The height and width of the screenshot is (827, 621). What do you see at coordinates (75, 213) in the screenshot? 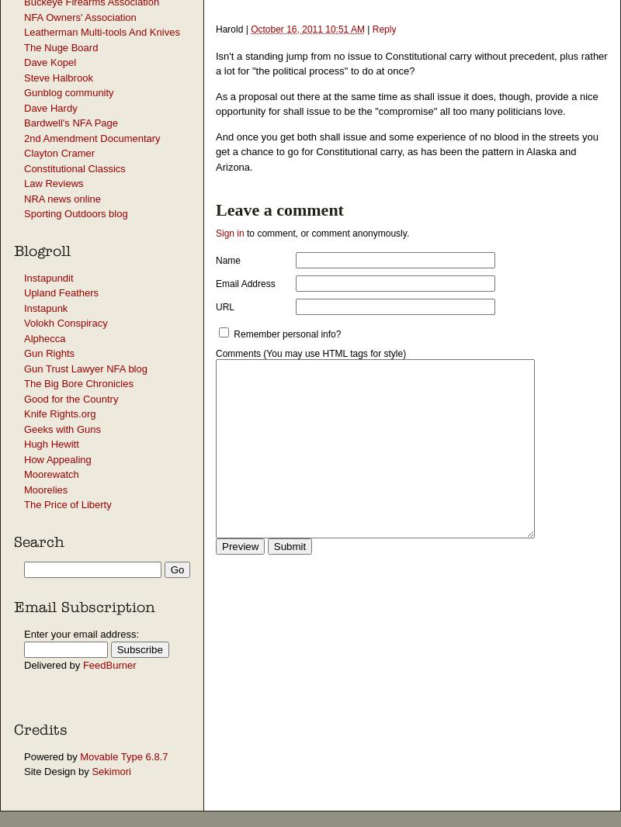
I see `'Sporting Outdoors blog'` at bounding box center [75, 213].